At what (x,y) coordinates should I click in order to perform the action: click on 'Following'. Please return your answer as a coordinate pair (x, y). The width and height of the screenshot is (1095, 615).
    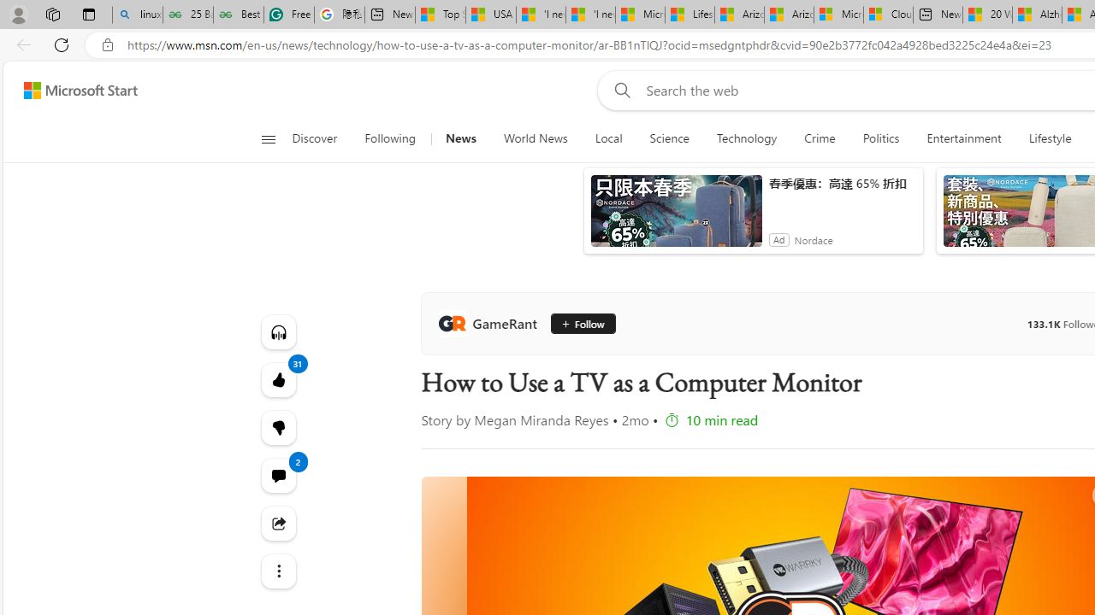
    Looking at the image, I should click on (390, 138).